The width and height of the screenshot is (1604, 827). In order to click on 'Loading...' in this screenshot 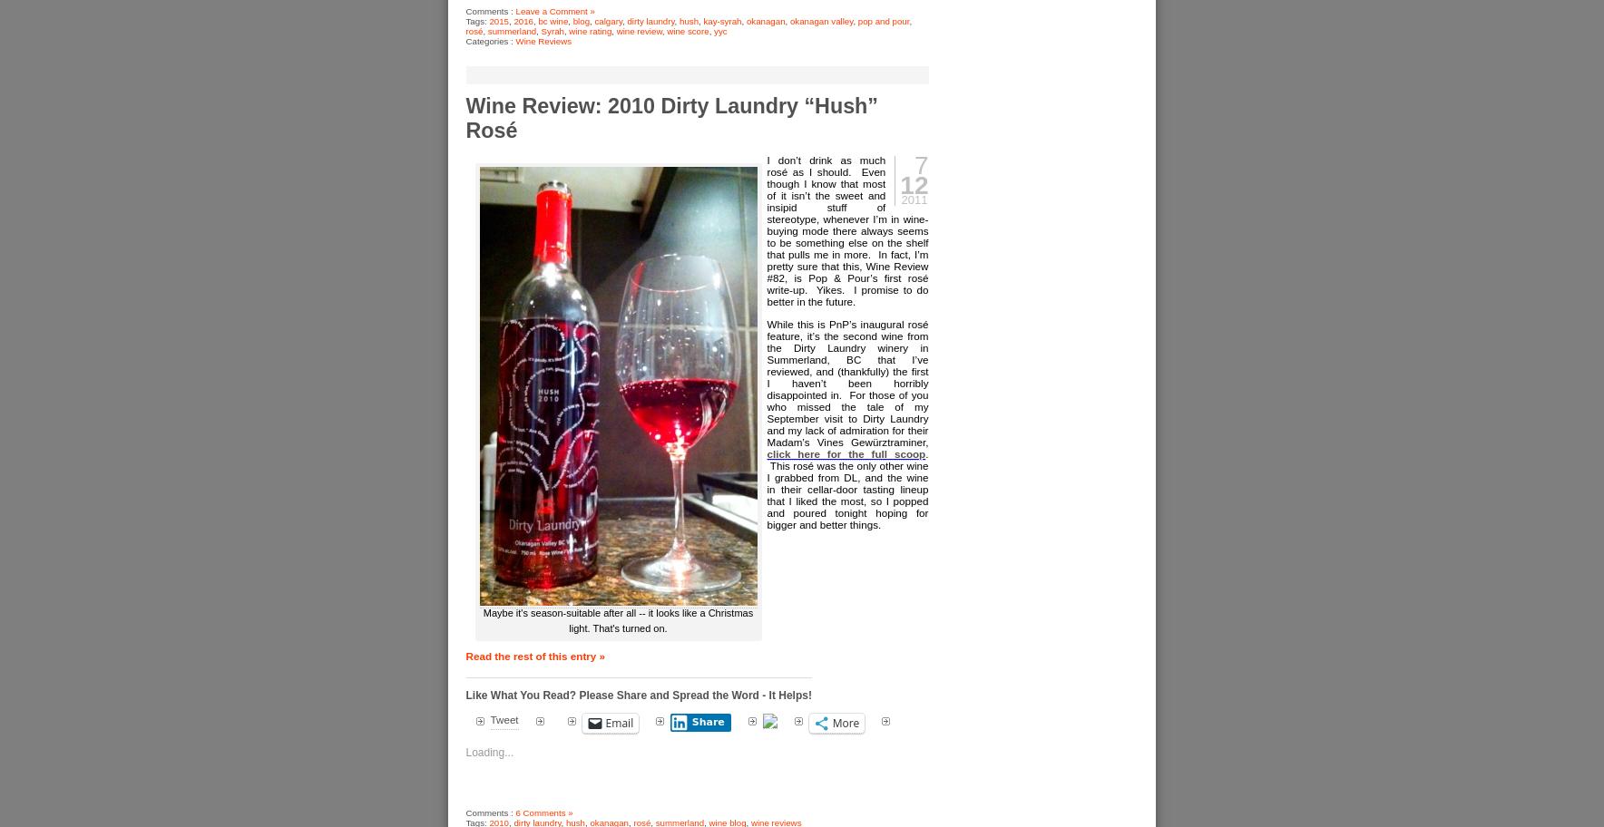, I will do `click(488, 752)`.